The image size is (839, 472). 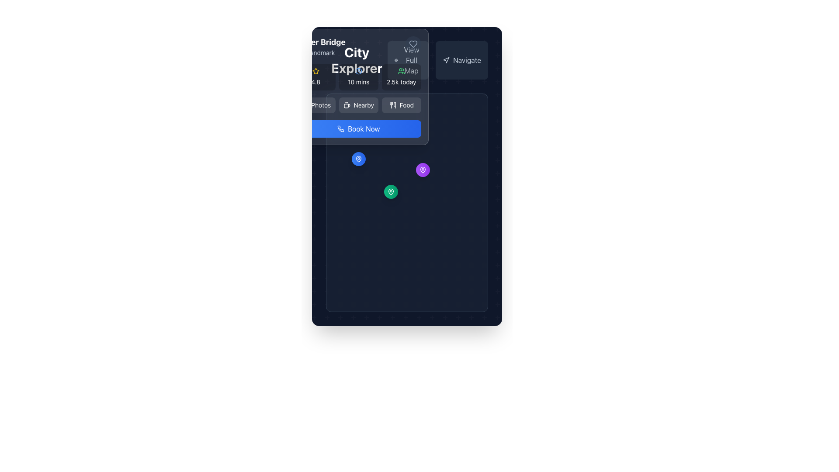 I want to click on the 'Navigate' button with dark slate background and rounded corners, so click(x=438, y=60).